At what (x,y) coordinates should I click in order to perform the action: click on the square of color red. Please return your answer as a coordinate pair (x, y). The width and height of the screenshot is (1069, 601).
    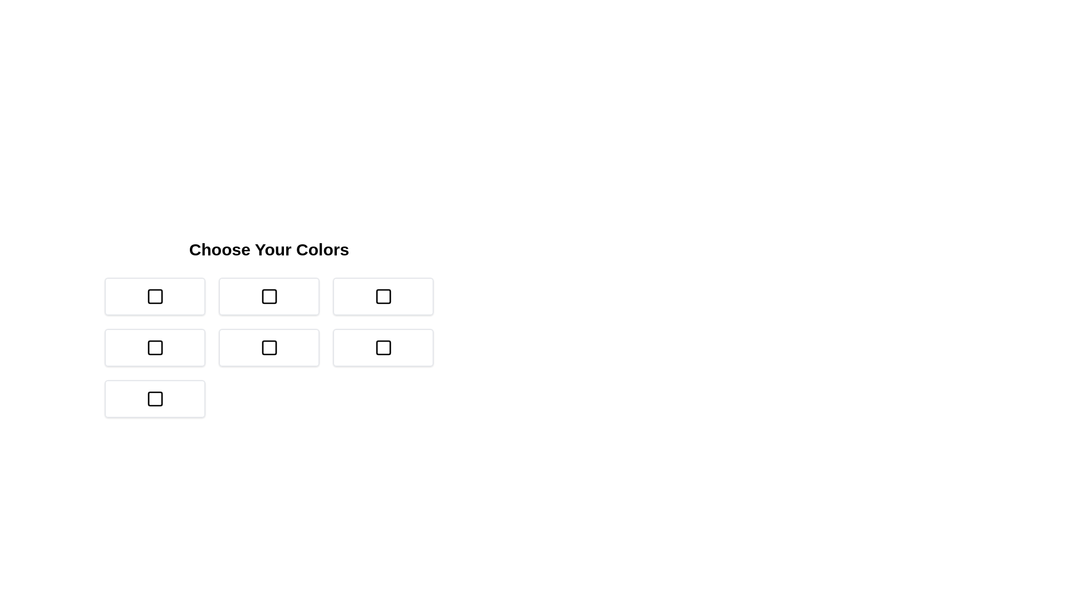
    Looking at the image, I should click on (154, 295).